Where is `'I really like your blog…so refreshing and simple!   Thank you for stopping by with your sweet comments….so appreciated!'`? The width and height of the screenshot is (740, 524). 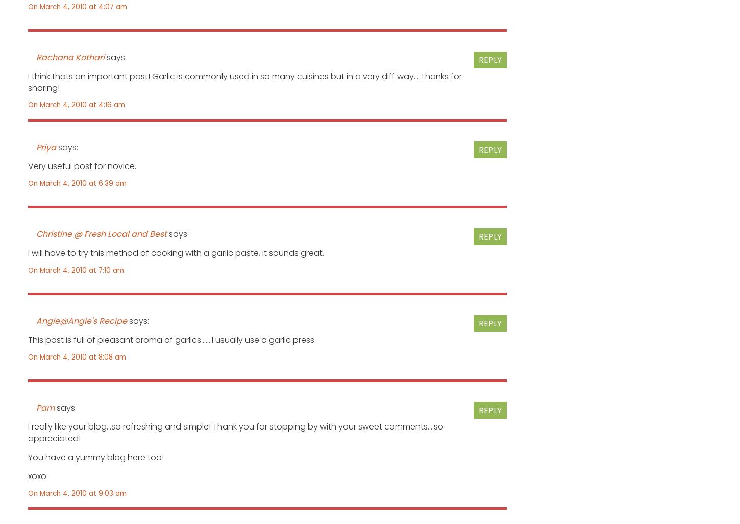
'I really like your blog…so refreshing and simple!   Thank you for stopping by with your sweet comments….so appreciated!' is located at coordinates (235, 432).